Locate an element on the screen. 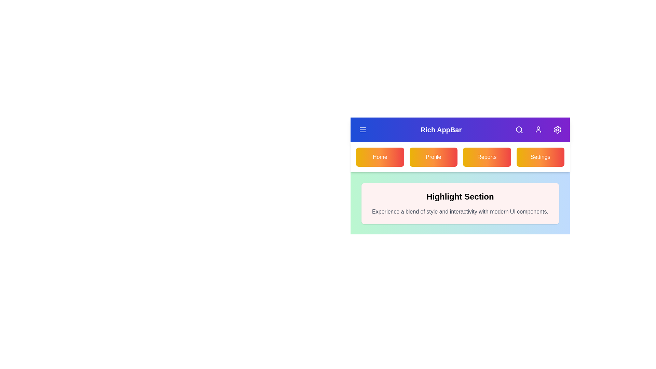  the Reports navigation button is located at coordinates (487, 157).